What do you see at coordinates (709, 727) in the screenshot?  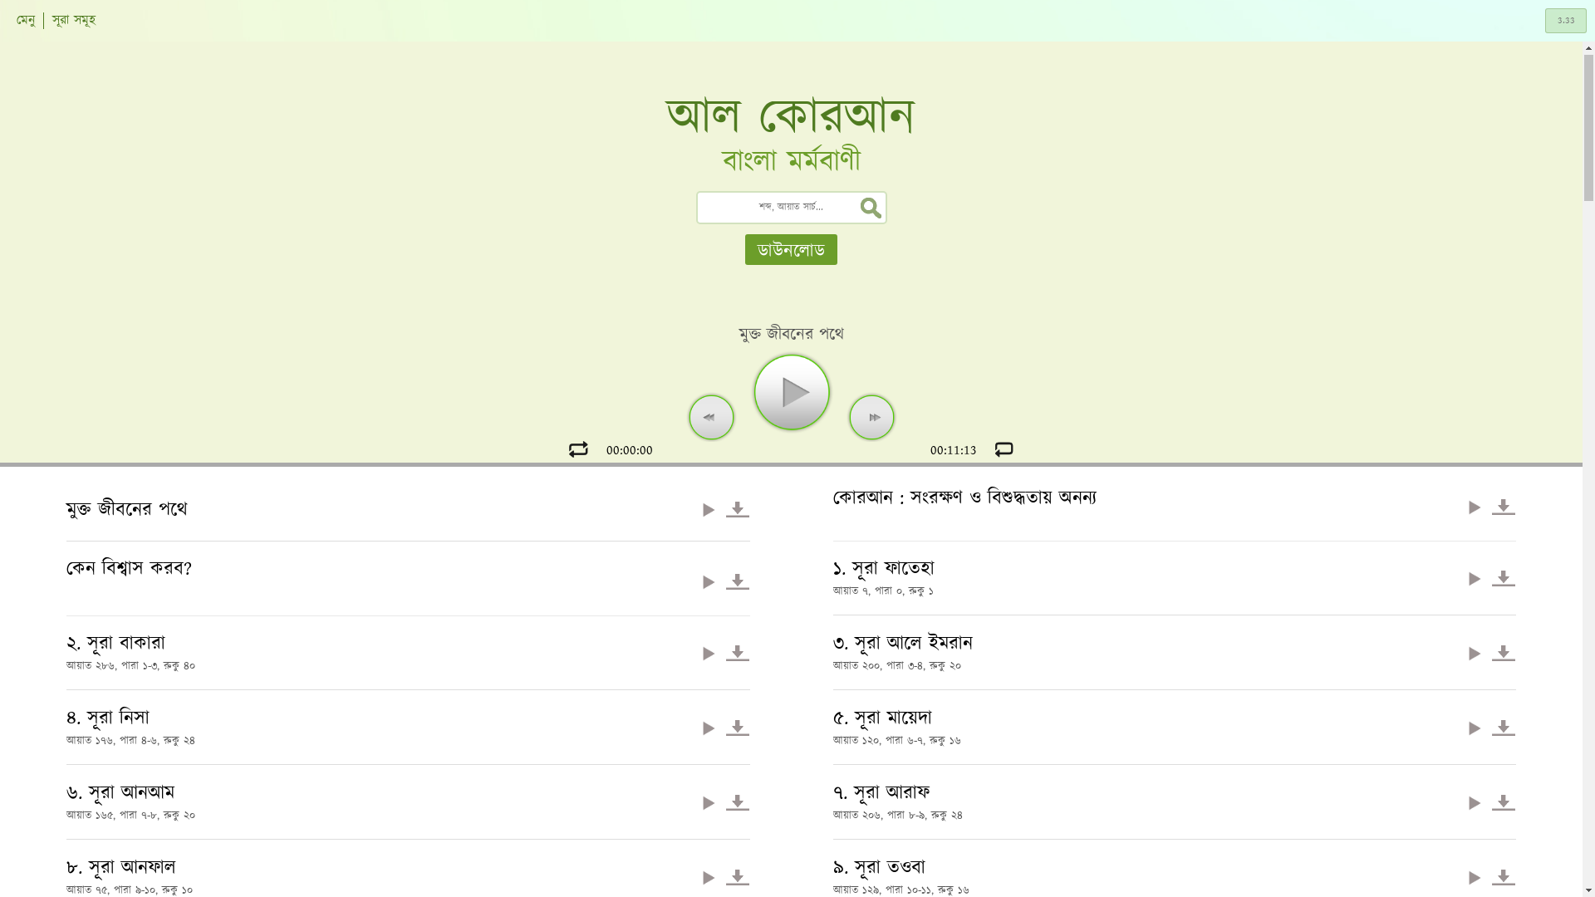 I see `'Play'` at bounding box center [709, 727].